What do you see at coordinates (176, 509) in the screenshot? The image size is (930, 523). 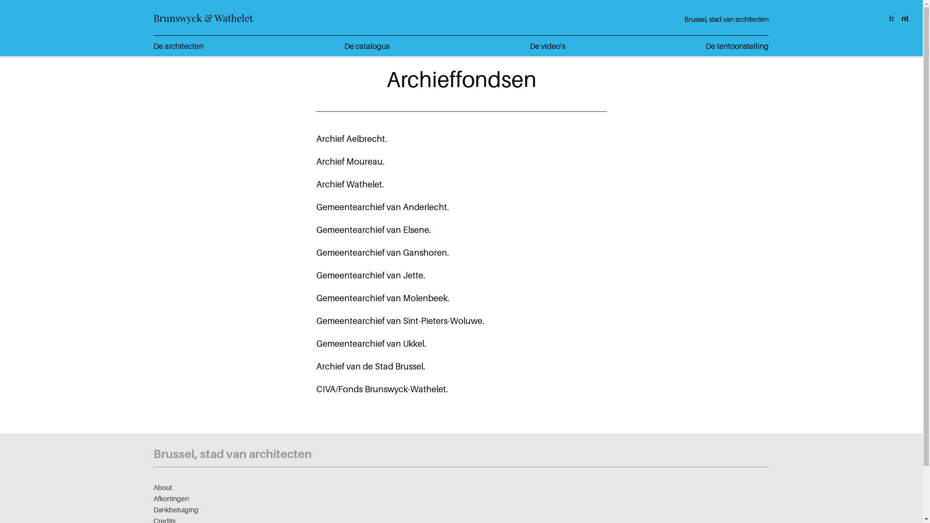 I see `'Dankbetuiging'` at bounding box center [176, 509].